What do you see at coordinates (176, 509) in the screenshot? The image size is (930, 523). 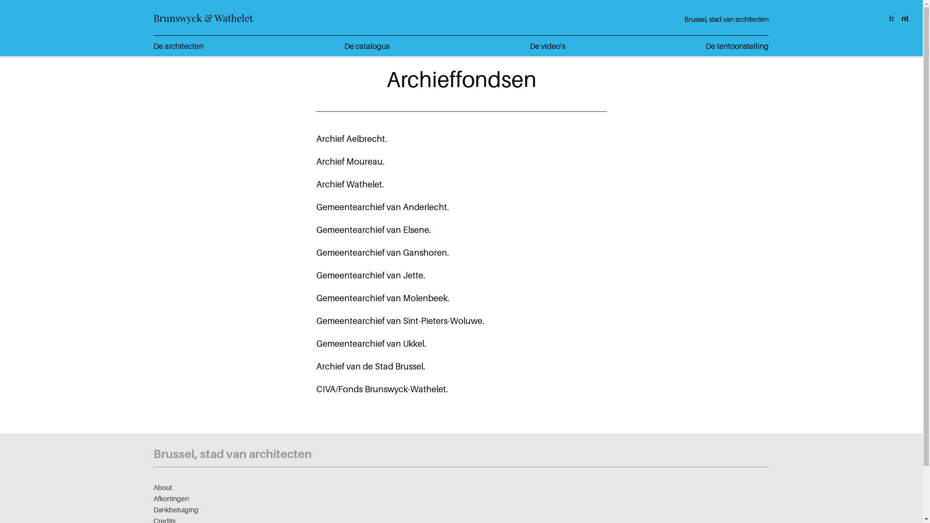 I see `'Dankbetuiging'` at bounding box center [176, 509].